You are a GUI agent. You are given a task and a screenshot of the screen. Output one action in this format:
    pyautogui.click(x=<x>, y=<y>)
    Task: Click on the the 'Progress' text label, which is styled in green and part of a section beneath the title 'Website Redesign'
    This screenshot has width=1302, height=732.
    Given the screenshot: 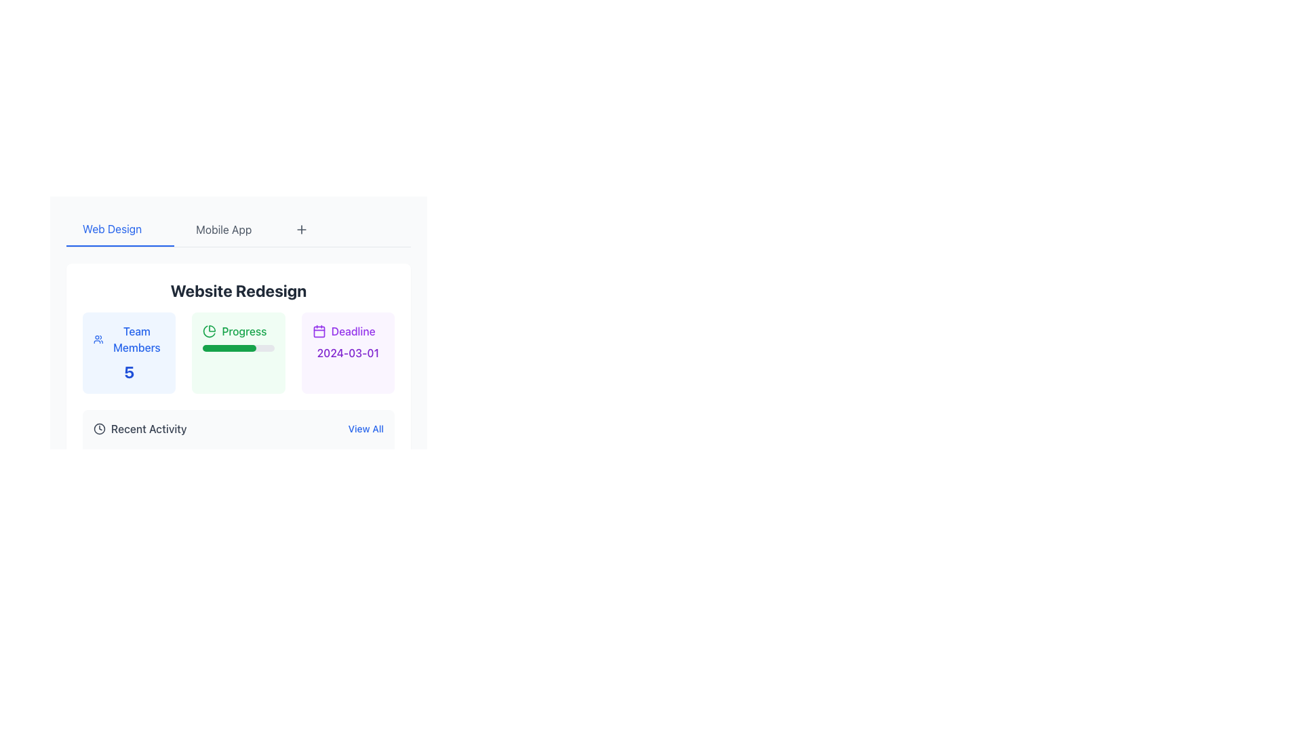 What is the action you would take?
    pyautogui.click(x=244, y=331)
    